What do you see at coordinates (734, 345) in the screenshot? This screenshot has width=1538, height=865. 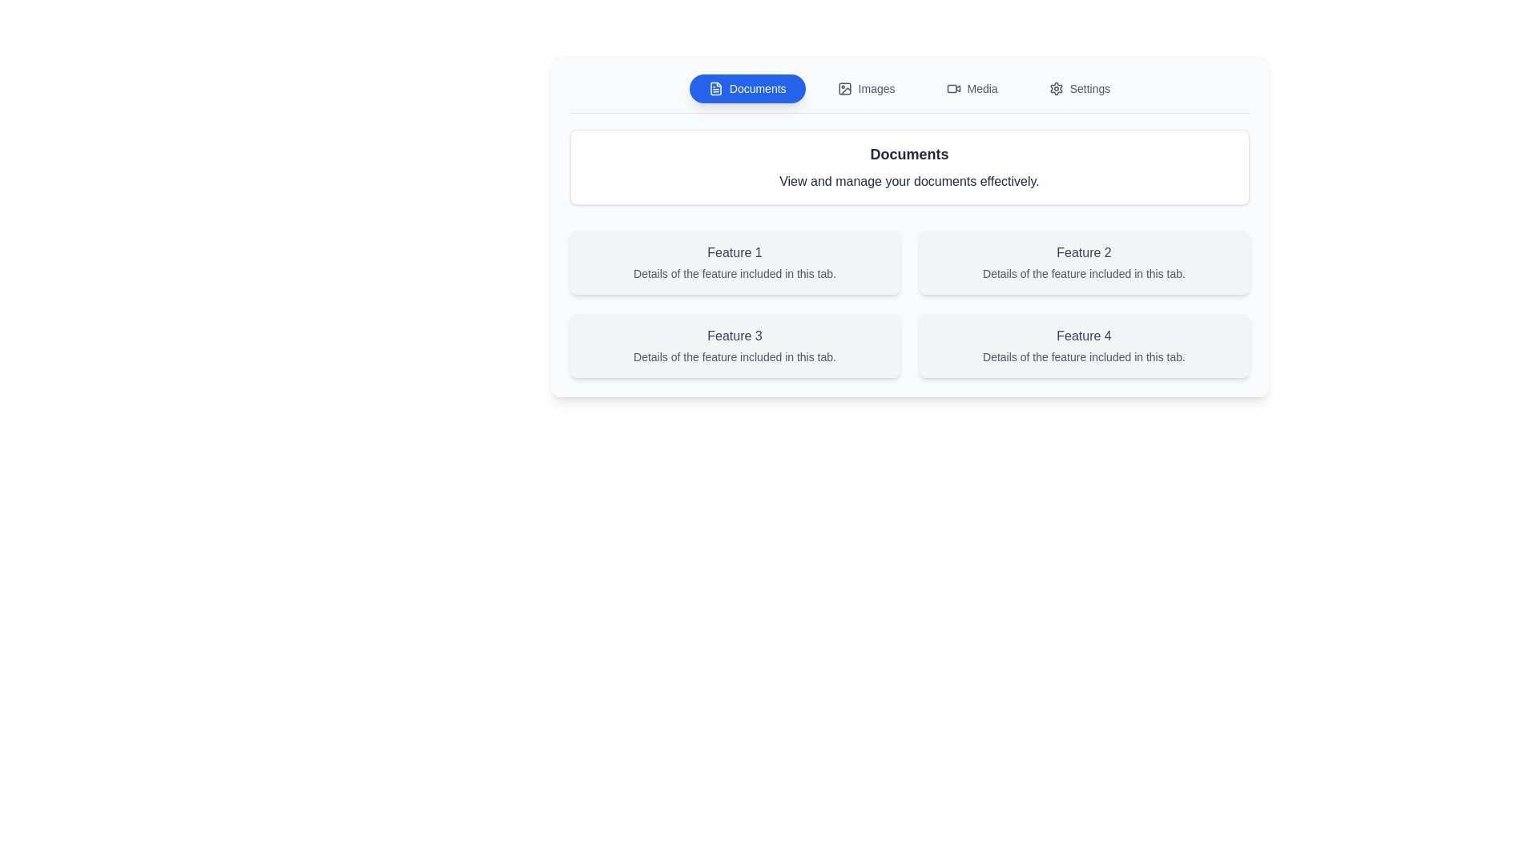 I see `the Card element that has a light gray background, rounded corners, and contains the text 'Feature 3' with a description 'Details of the feature included in this tab.'` at bounding box center [734, 345].